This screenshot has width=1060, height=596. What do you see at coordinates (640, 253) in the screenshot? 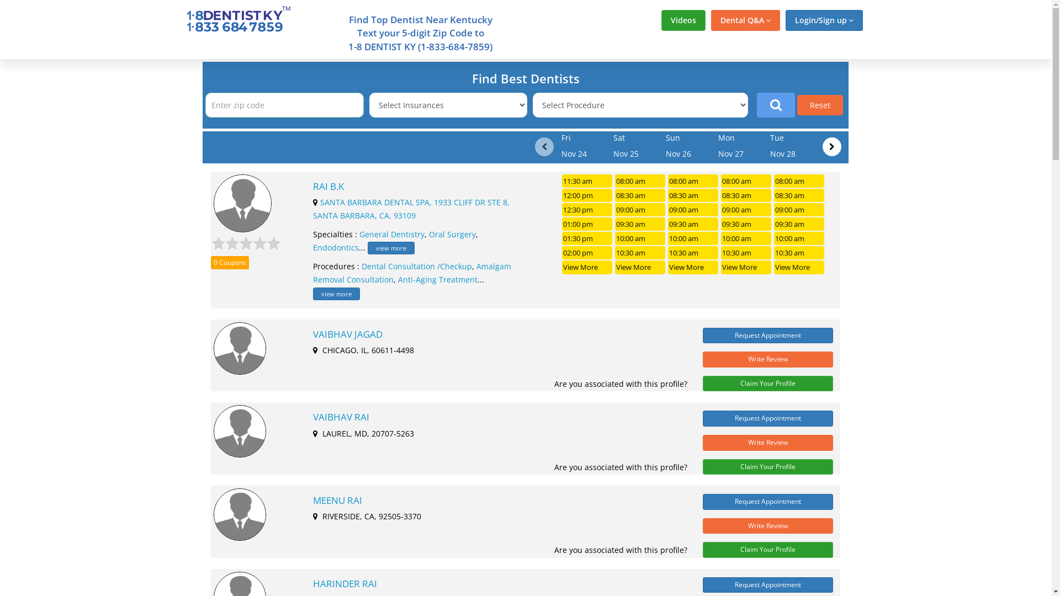
I see `'10:30 am'` at bounding box center [640, 253].